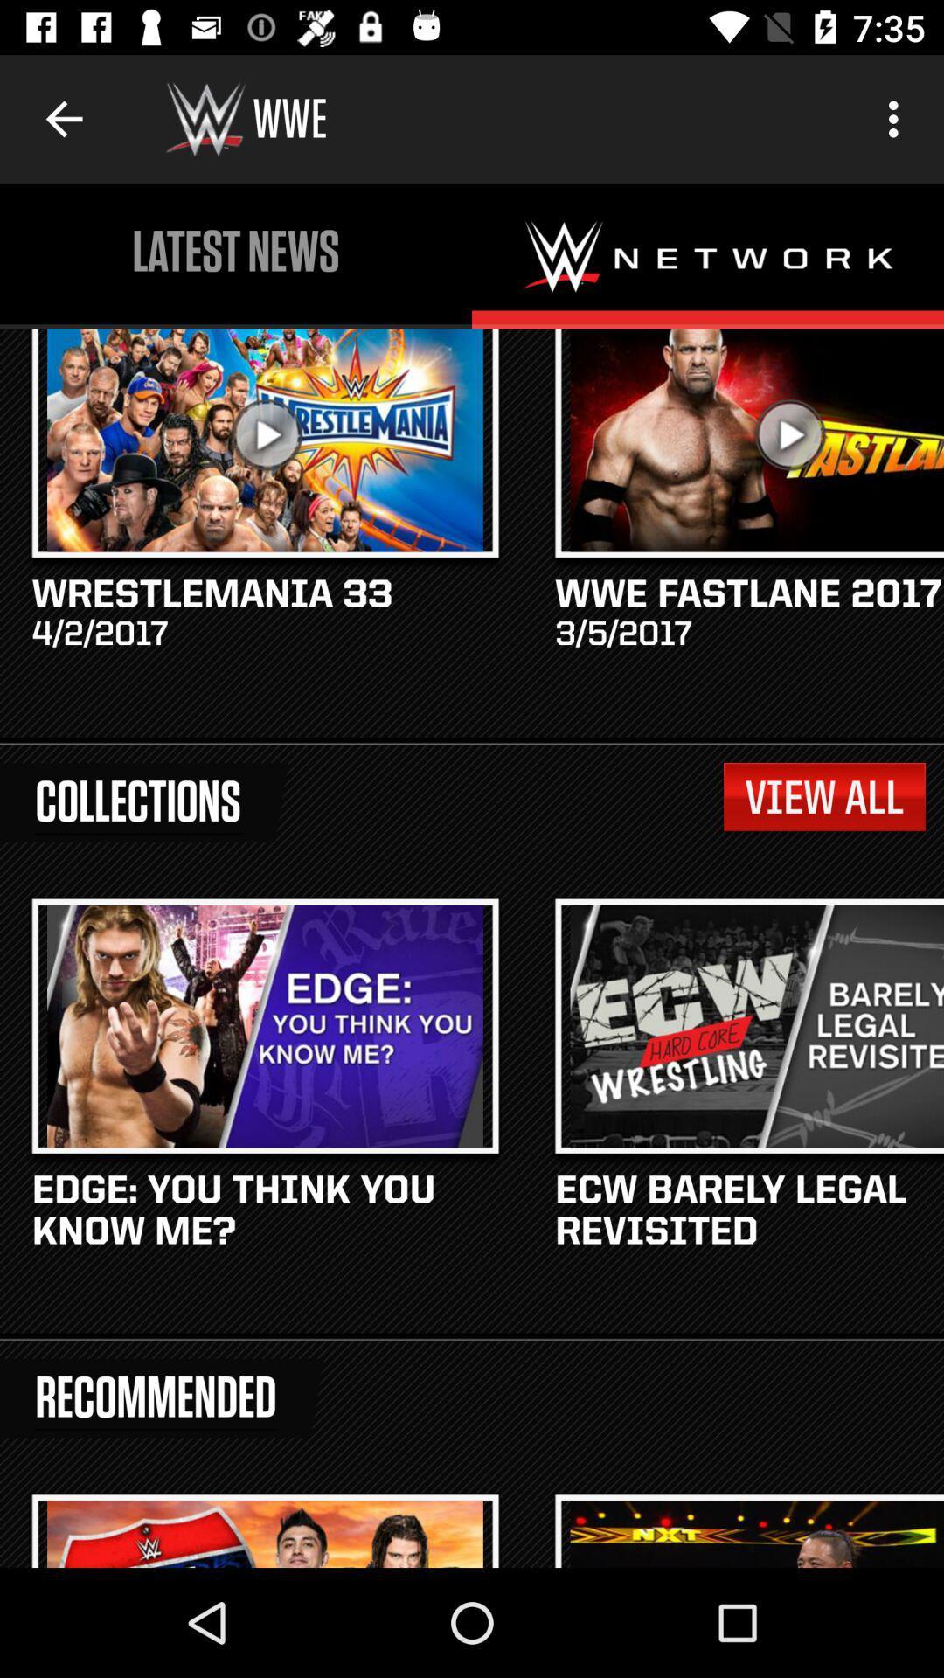 The height and width of the screenshot is (1678, 944). I want to click on network, so click(708, 255).